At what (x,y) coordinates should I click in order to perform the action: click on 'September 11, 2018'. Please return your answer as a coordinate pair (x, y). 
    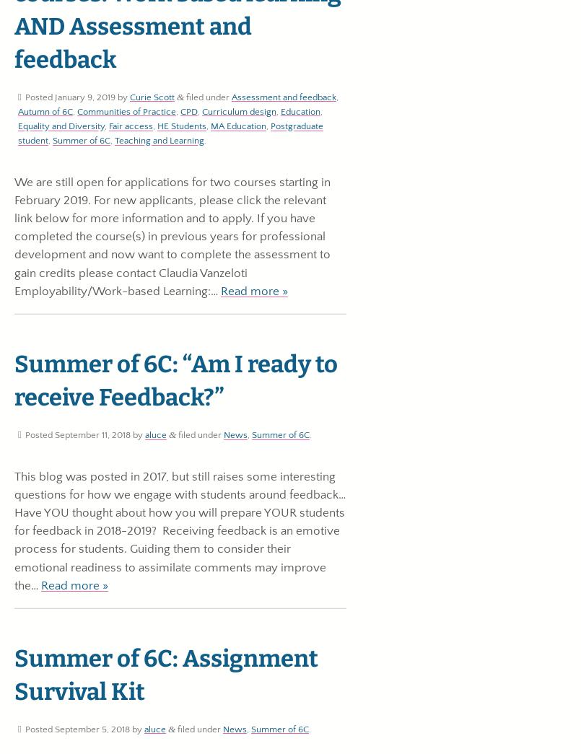
    Looking at the image, I should click on (92, 434).